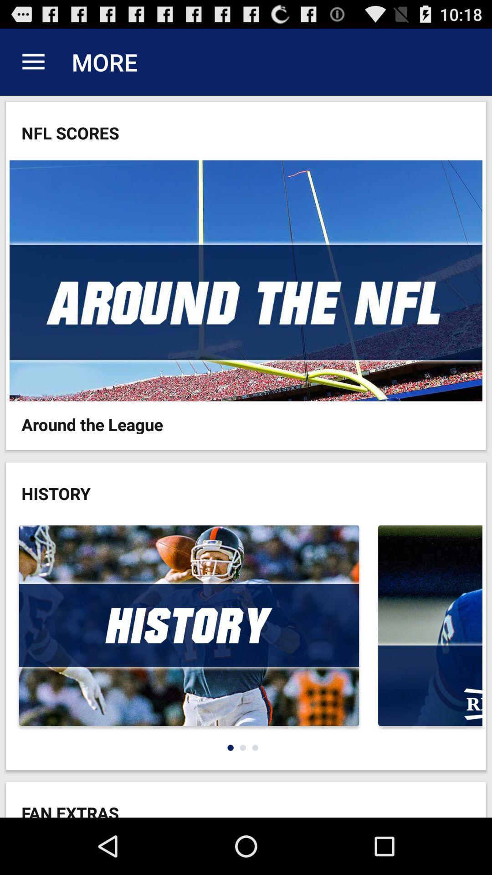  I want to click on the icon to the left of more app, so click(33, 62).